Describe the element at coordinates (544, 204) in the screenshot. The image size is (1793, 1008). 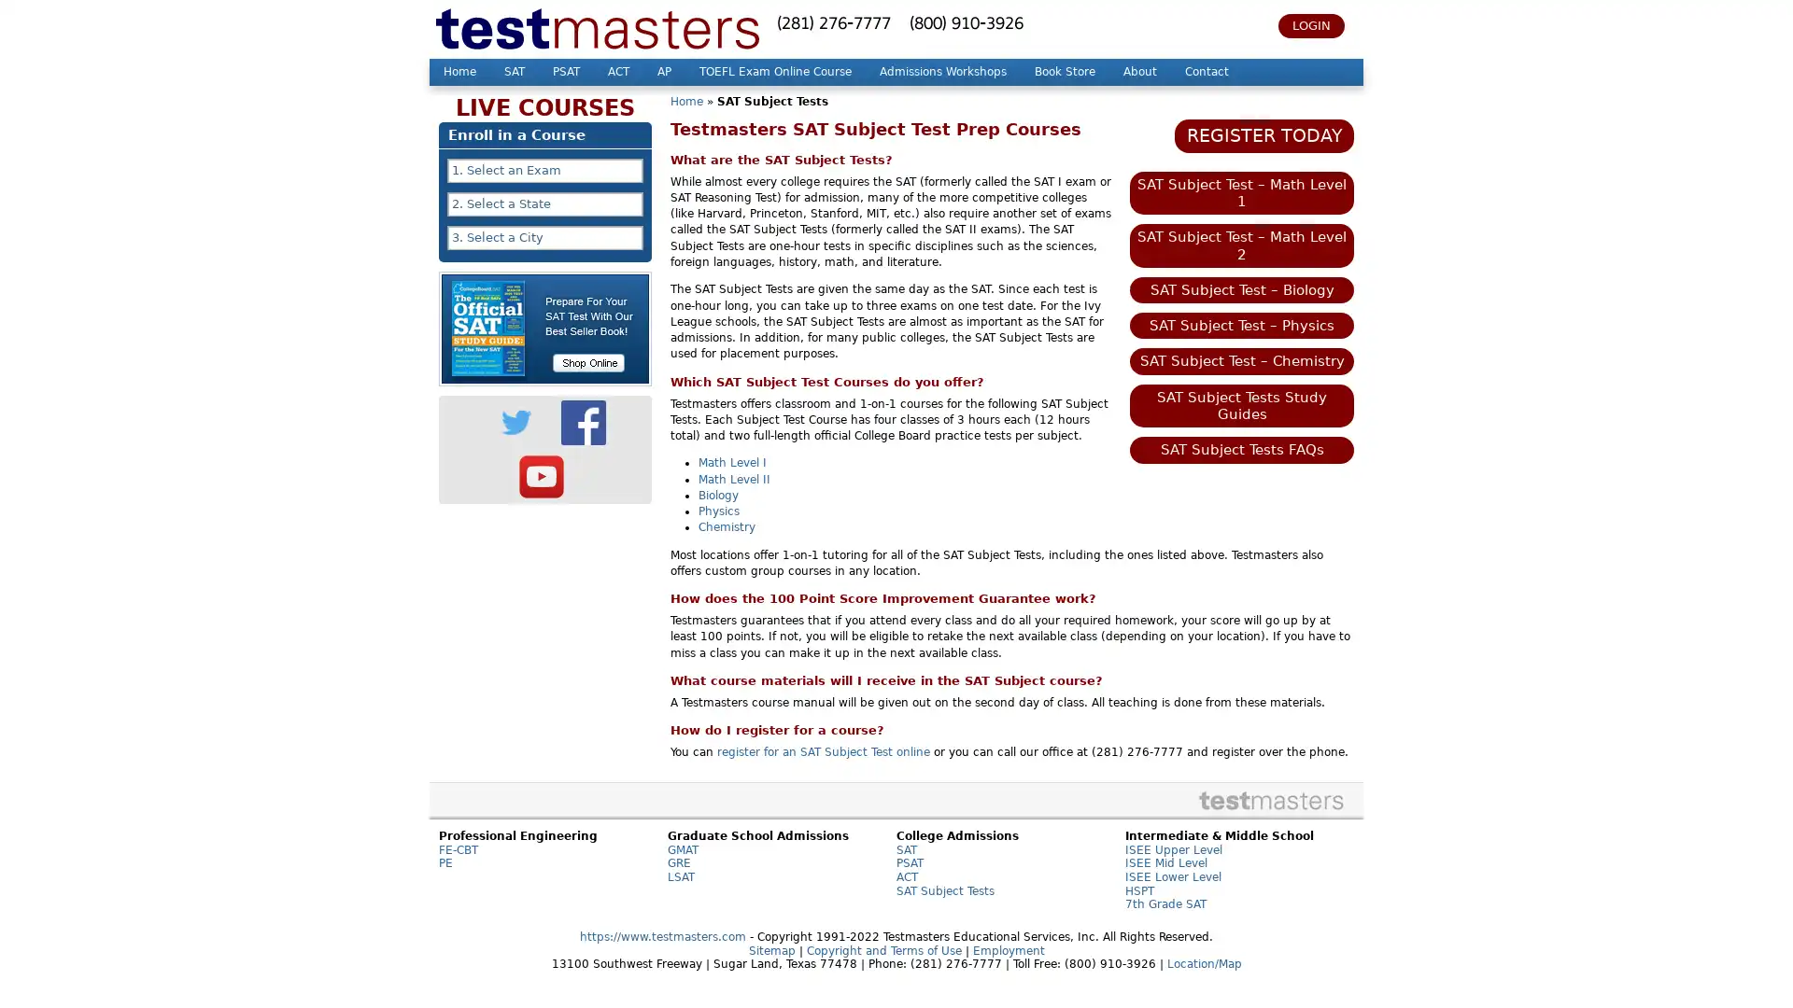
I see `2. Select a State` at that location.